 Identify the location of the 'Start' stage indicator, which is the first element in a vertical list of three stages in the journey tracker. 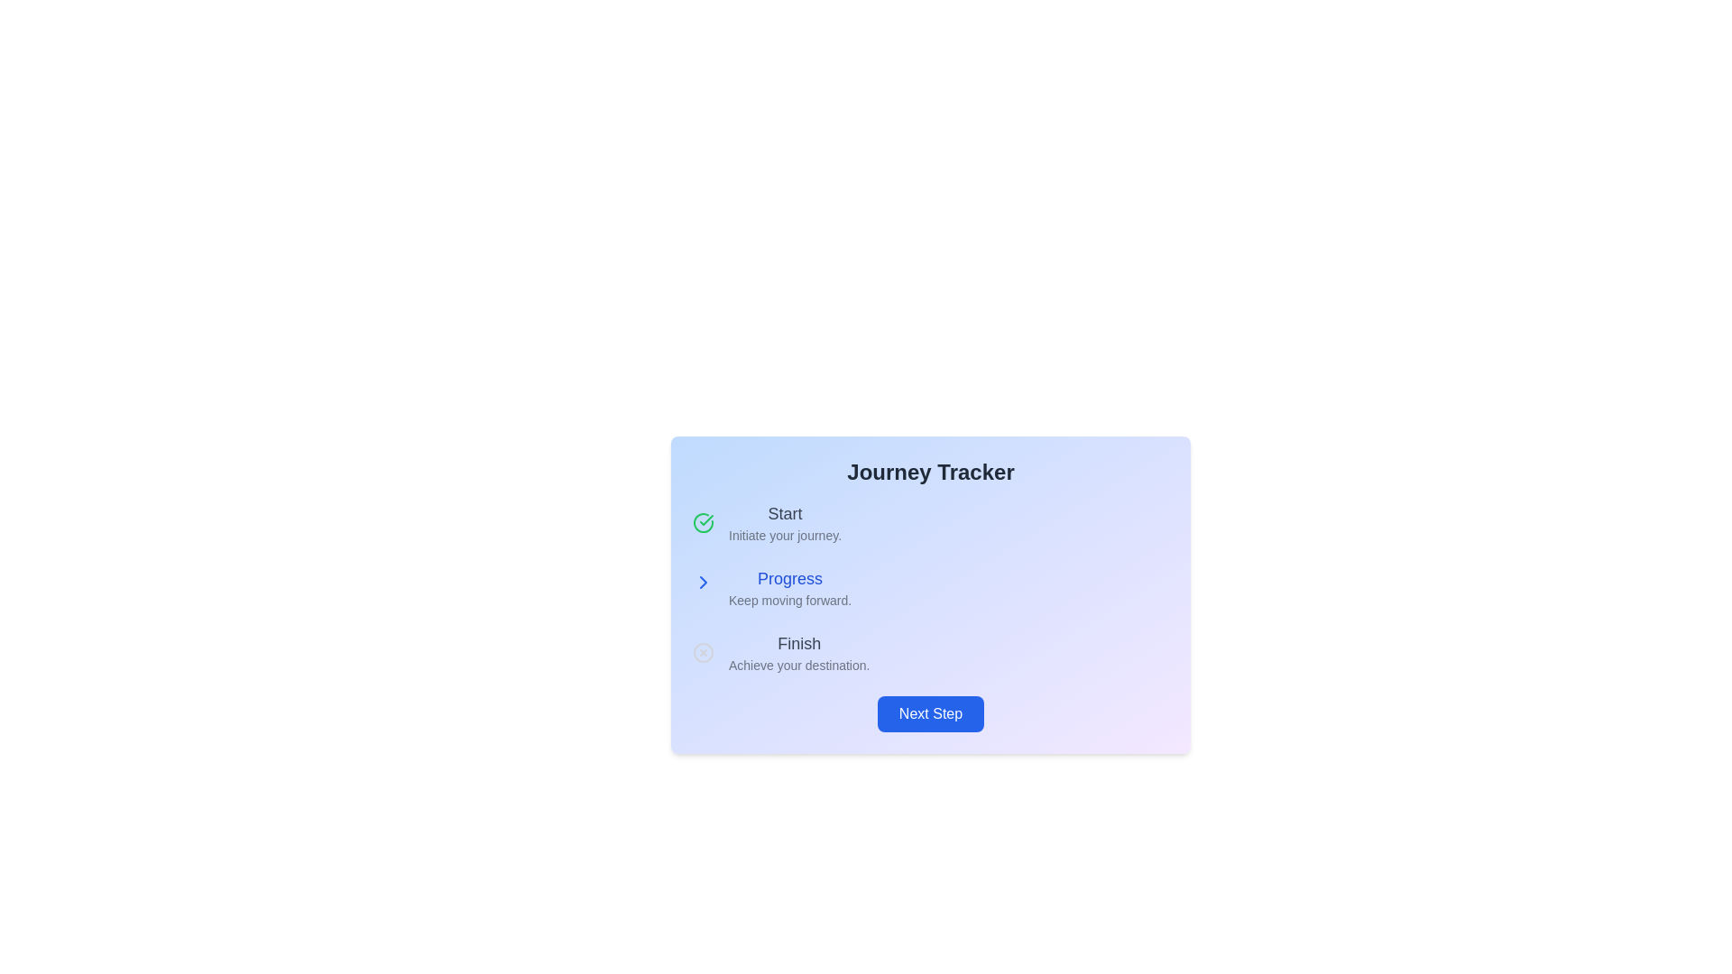
(931, 522).